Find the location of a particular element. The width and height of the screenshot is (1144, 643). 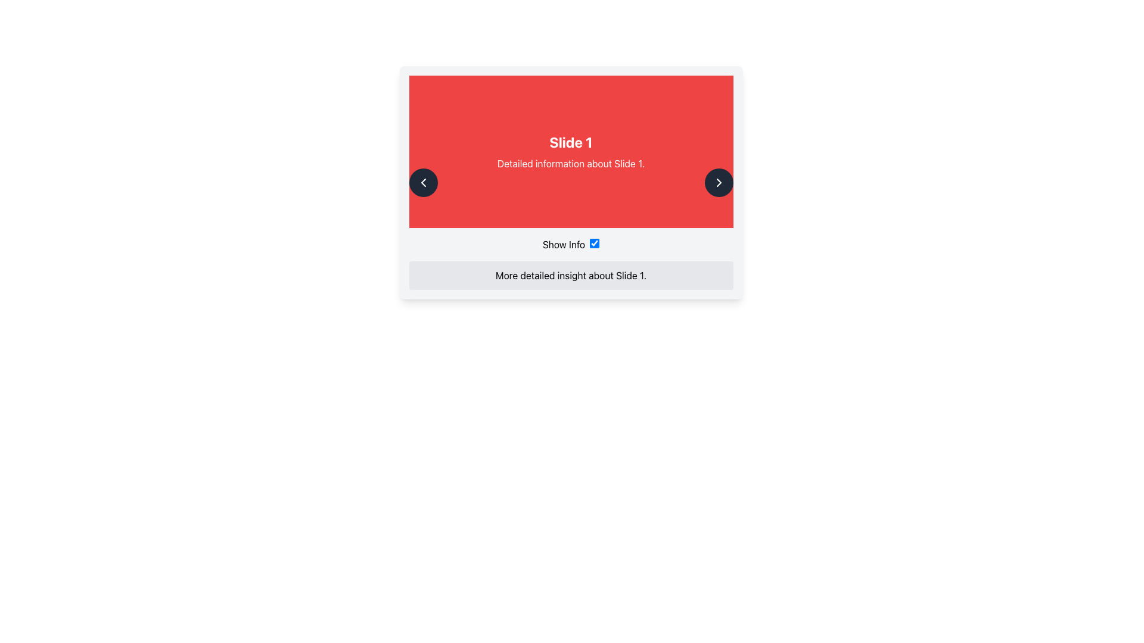

the checkbox located to the right of the 'Show Info' label is located at coordinates (595, 242).